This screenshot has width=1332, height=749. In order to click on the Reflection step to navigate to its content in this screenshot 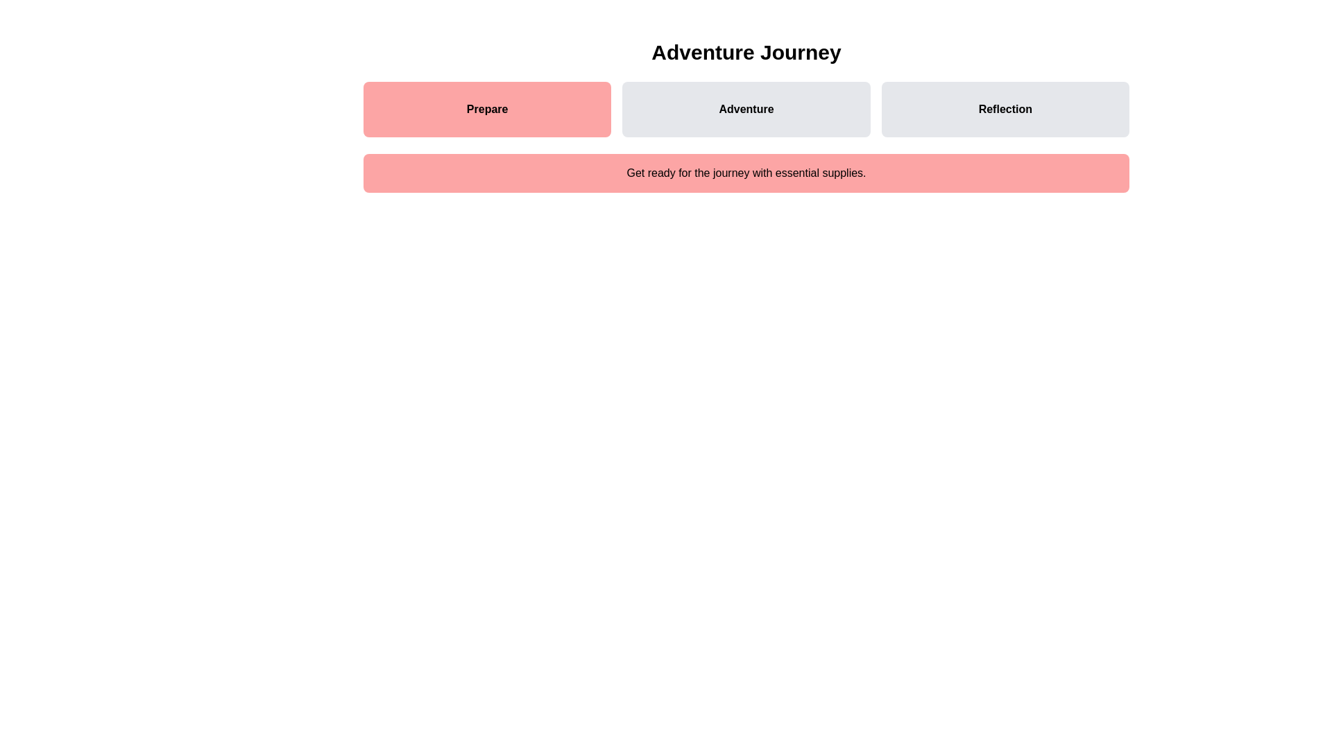, I will do `click(1005, 109)`.